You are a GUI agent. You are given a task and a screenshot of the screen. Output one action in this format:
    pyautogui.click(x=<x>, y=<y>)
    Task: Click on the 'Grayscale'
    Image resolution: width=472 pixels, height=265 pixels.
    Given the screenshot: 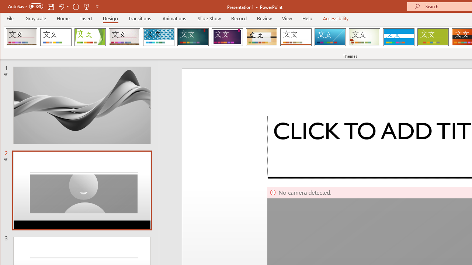 What is the action you would take?
    pyautogui.click(x=35, y=18)
    